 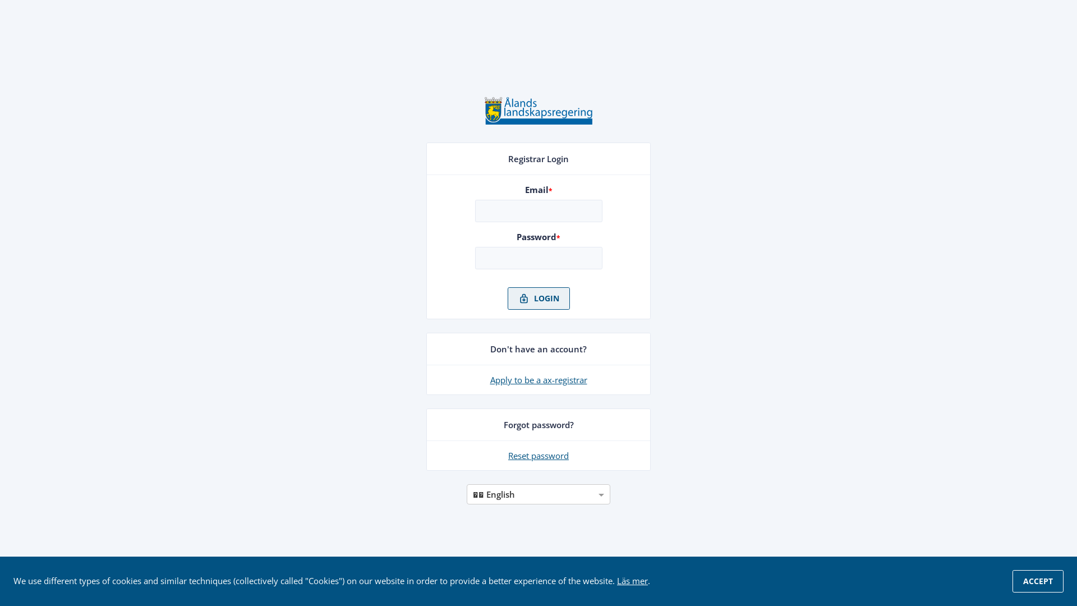 I want to click on 'Apply to be a ax-registrar', so click(x=538, y=379).